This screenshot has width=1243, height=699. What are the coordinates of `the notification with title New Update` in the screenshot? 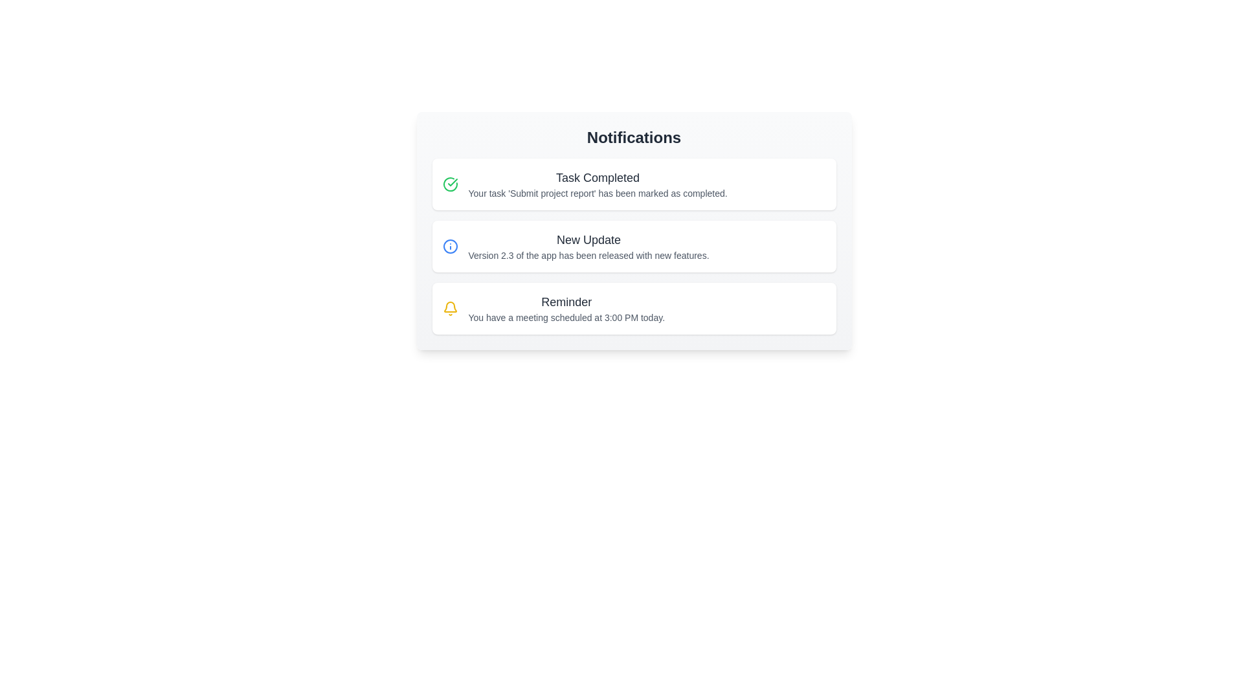 It's located at (634, 247).